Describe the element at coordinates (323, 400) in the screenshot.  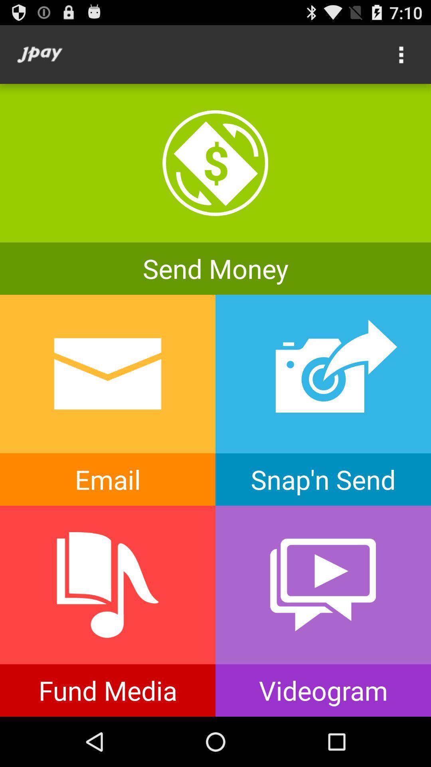
I see `take and send photo` at that location.